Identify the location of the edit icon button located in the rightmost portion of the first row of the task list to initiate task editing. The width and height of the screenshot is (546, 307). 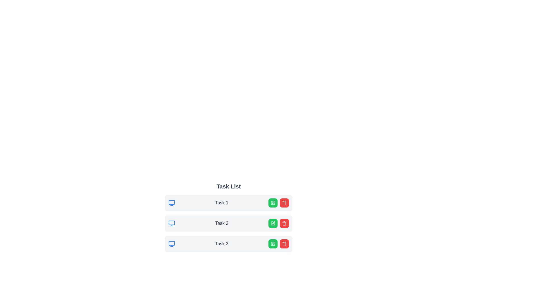
(273, 202).